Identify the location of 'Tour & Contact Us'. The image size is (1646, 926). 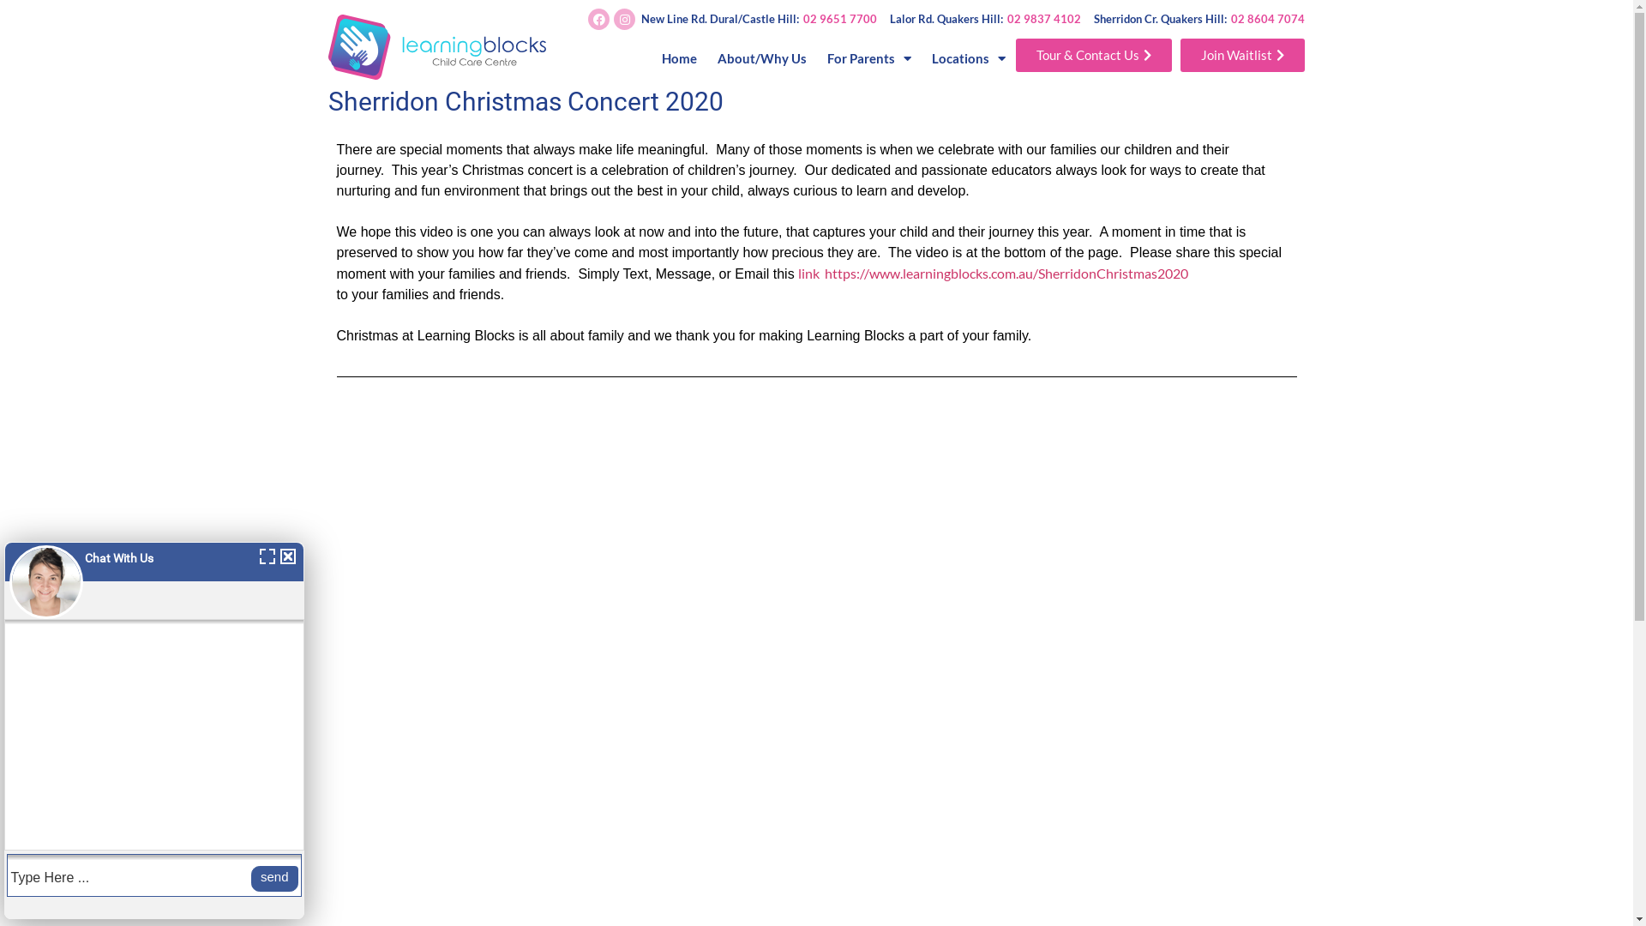
(1093, 54).